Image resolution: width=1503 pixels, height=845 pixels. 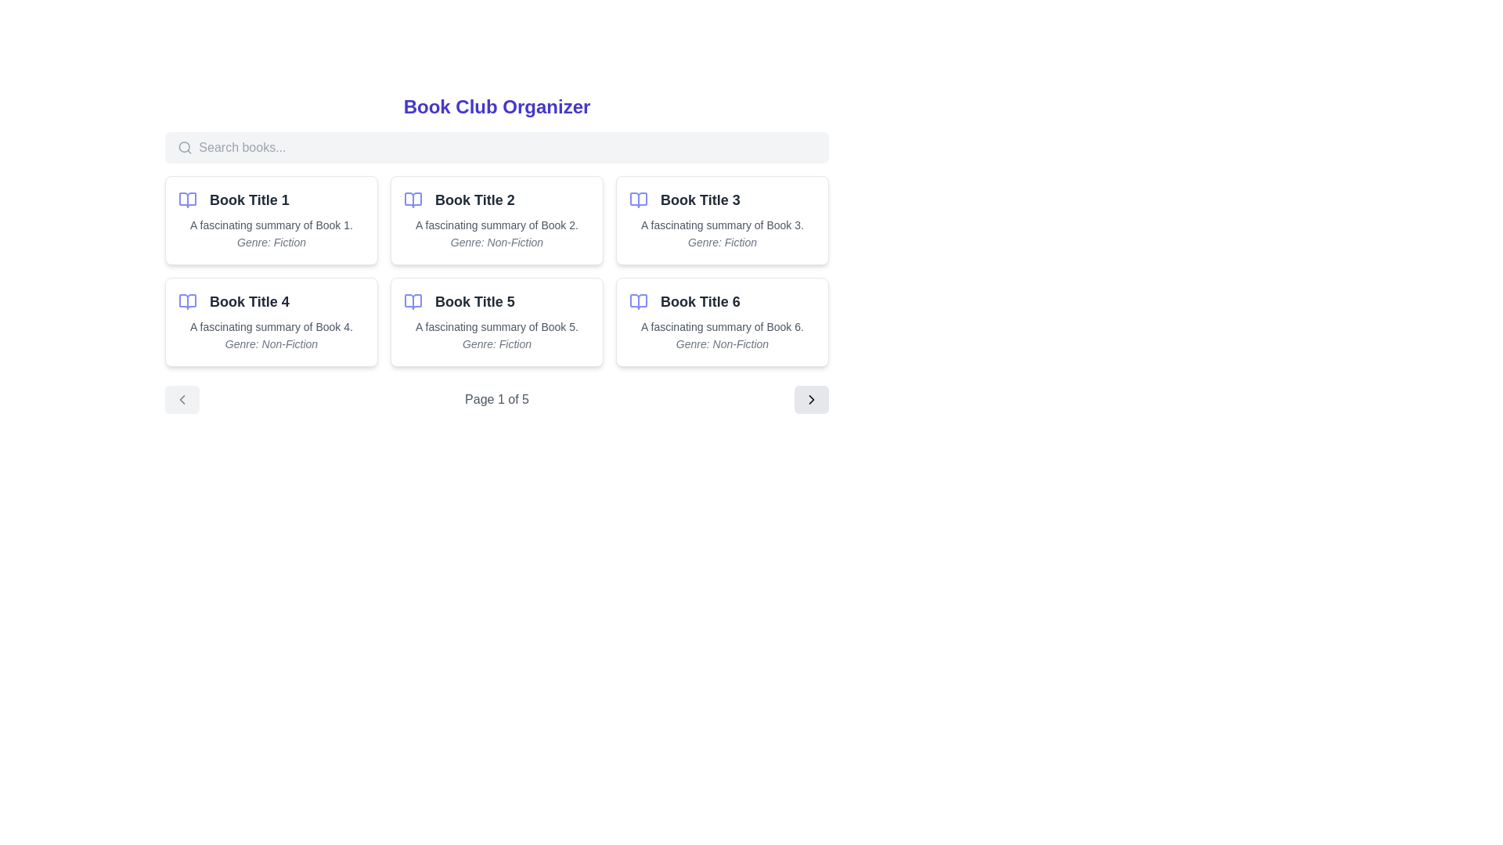 What do you see at coordinates (721, 242) in the screenshot?
I see `the genre label of the book card located at the bottom of the third card in the top row, which provides additional metadata about the book` at bounding box center [721, 242].